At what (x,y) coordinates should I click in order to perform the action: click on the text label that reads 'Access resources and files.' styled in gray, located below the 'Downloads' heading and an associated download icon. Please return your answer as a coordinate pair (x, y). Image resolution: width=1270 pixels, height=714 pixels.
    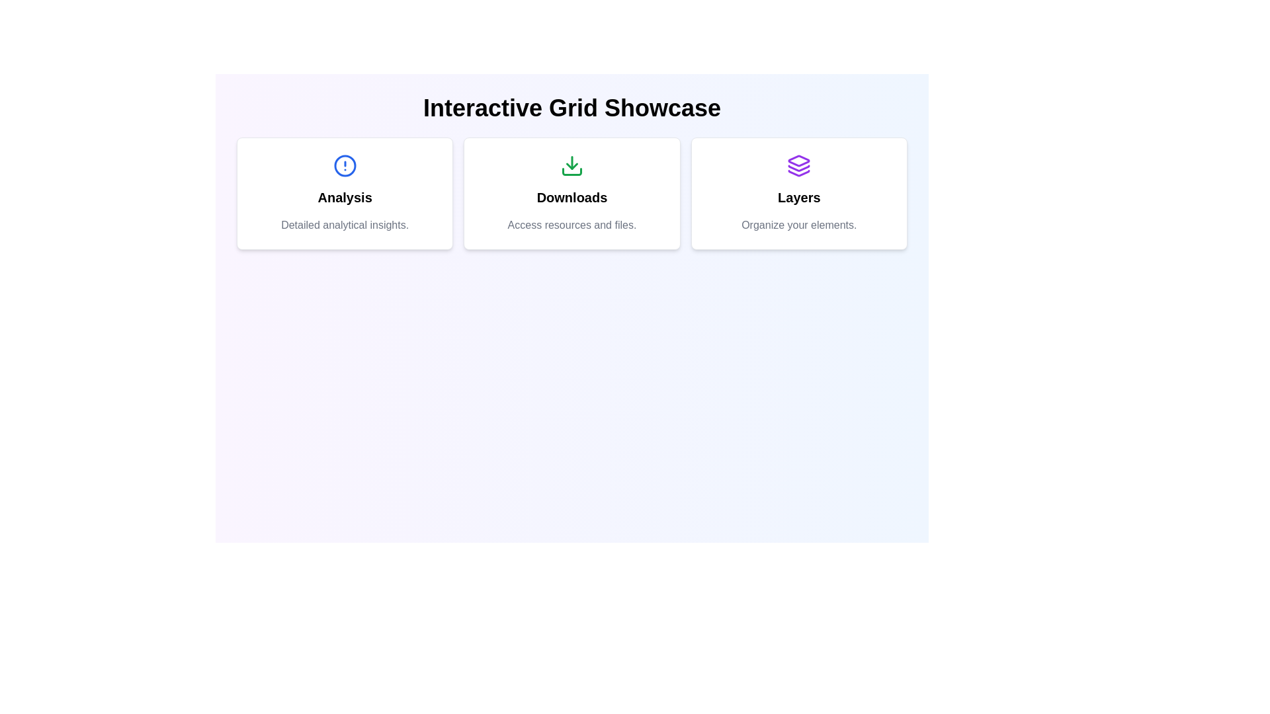
    Looking at the image, I should click on (571, 224).